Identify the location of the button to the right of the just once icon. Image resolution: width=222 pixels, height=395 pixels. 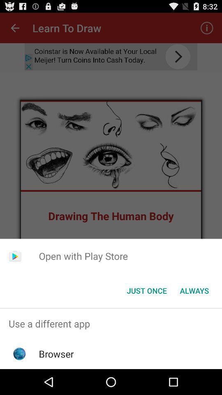
(194, 290).